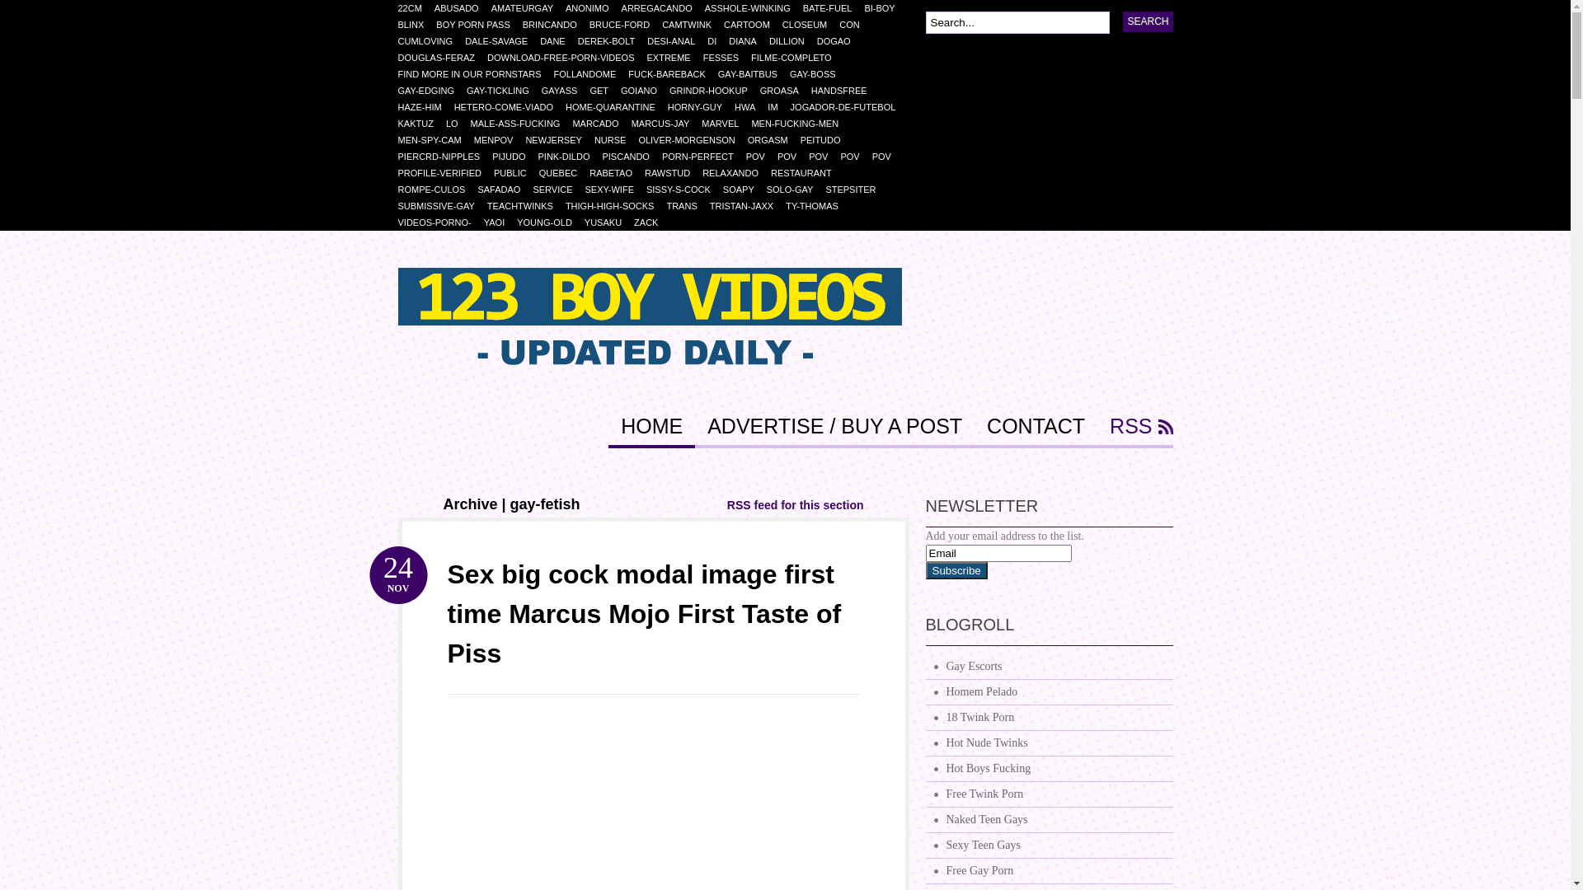  What do you see at coordinates (792, 156) in the screenshot?
I see `'POV'` at bounding box center [792, 156].